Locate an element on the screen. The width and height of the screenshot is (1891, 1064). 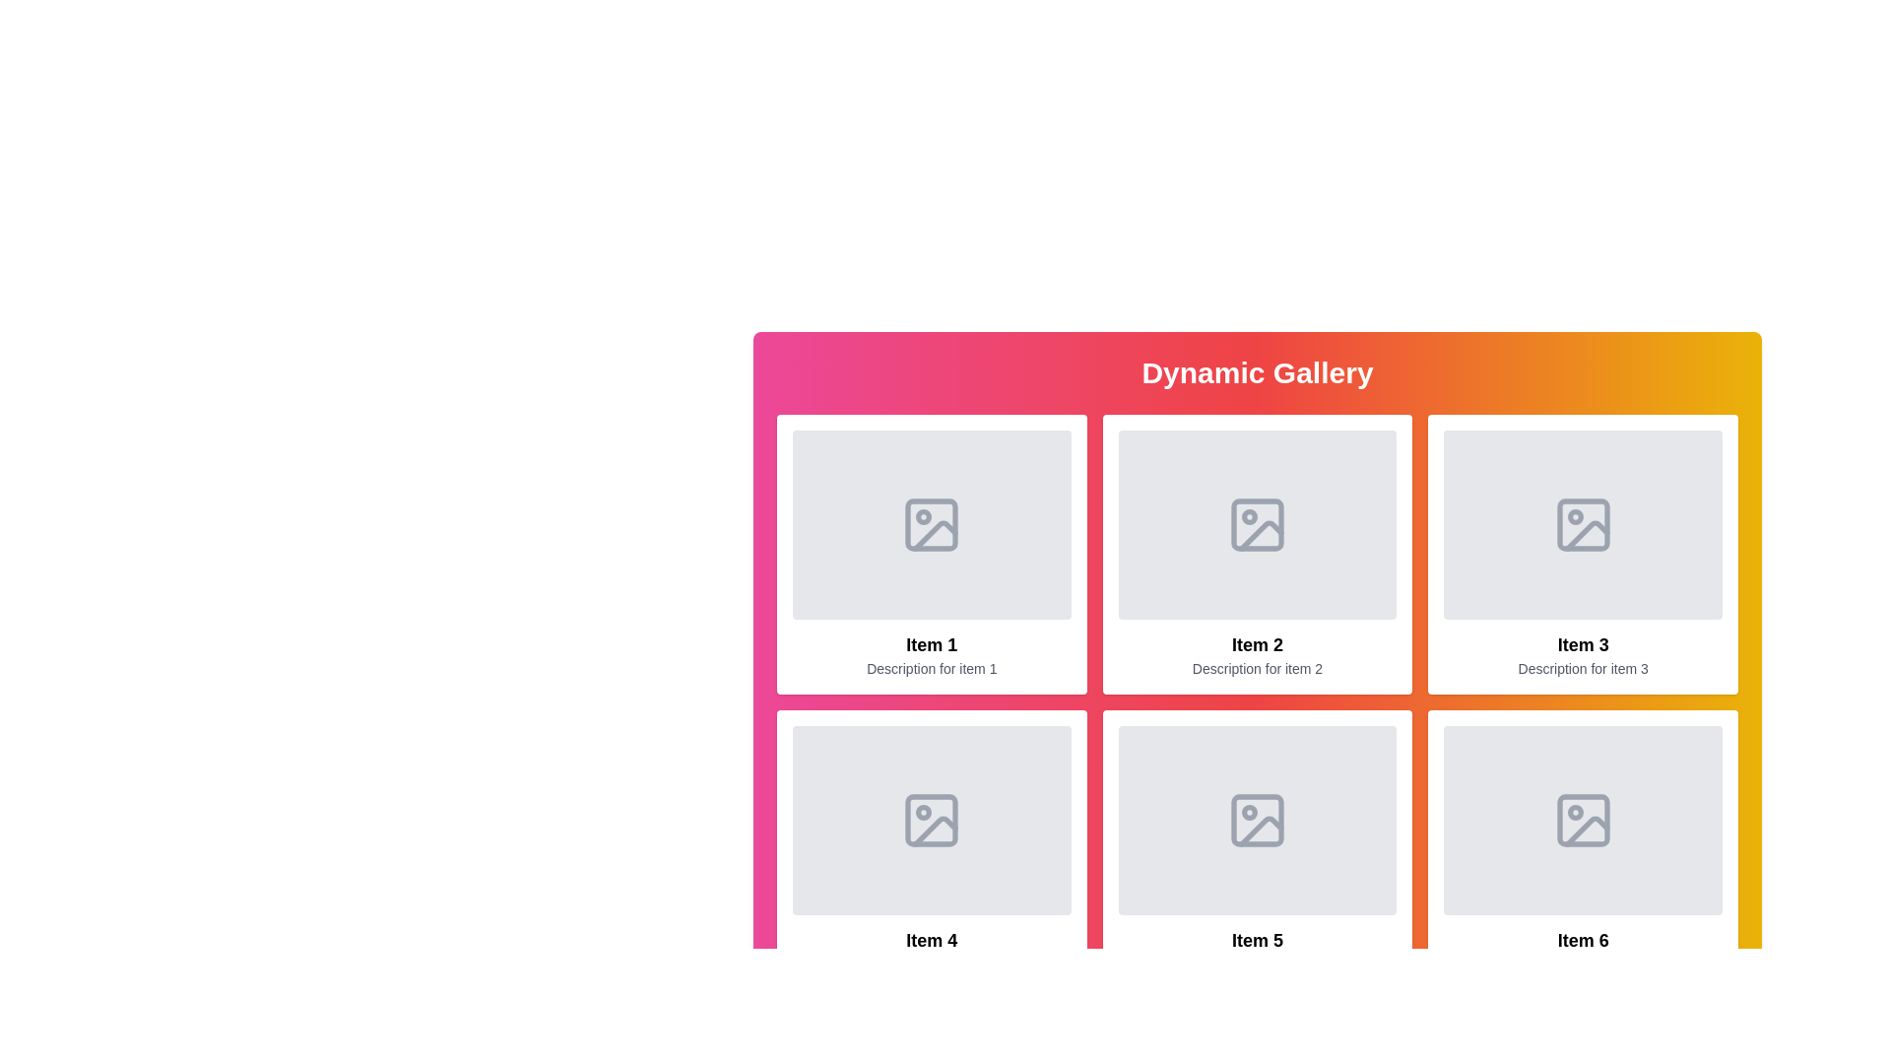
the light gray square-shaped icon with rounded corners located in the third item of the top row of the grid beneath the 'Dynamic Gallery' title is located at coordinates (1583, 523).